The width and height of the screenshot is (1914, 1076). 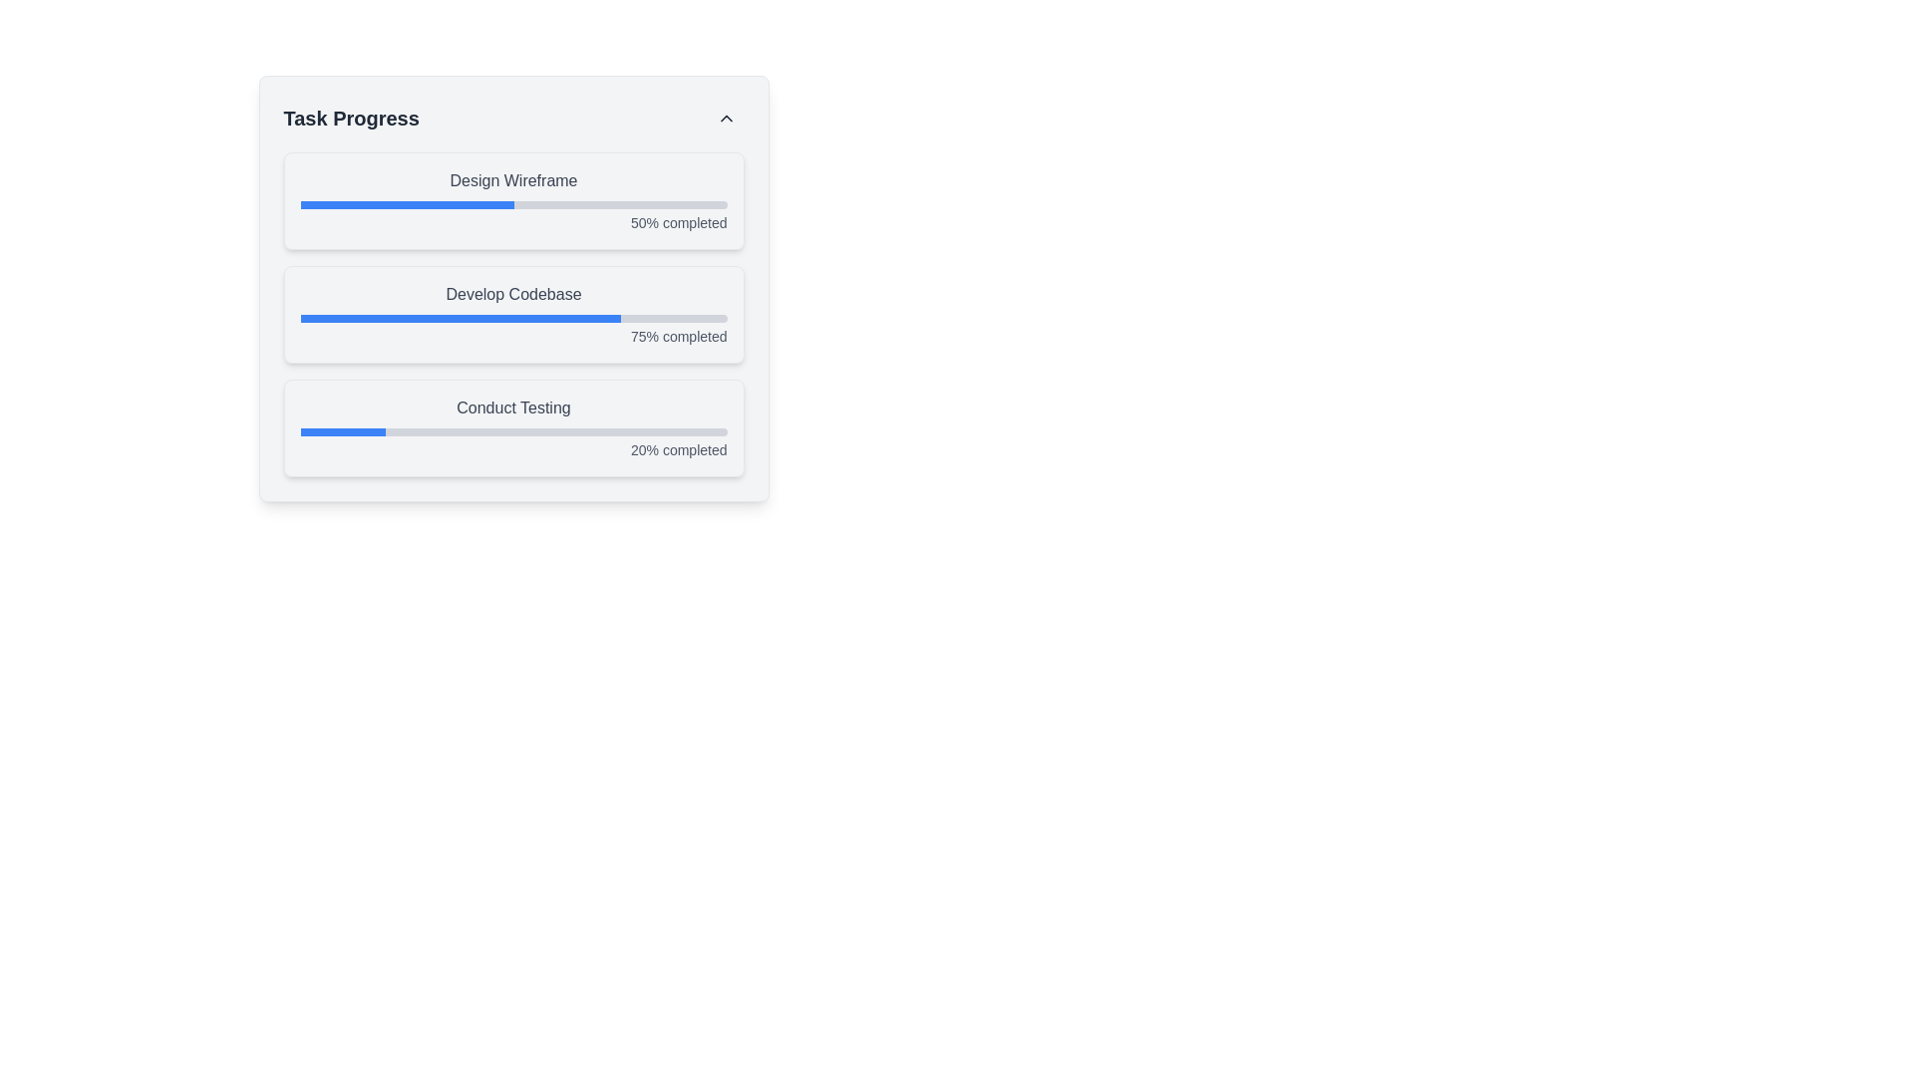 What do you see at coordinates (513, 314) in the screenshot?
I see `the middle progress bar indicating 75% completion of the 'Develop Codebase' task, which is located under the heading 'Task Progress'` at bounding box center [513, 314].